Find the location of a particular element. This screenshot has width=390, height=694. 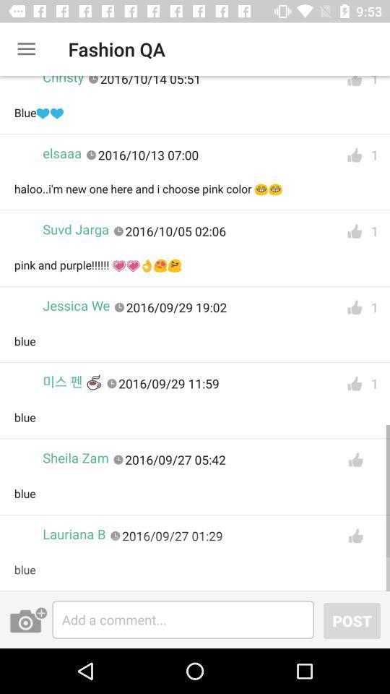

the lauriana b icon is located at coordinates (74, 534).